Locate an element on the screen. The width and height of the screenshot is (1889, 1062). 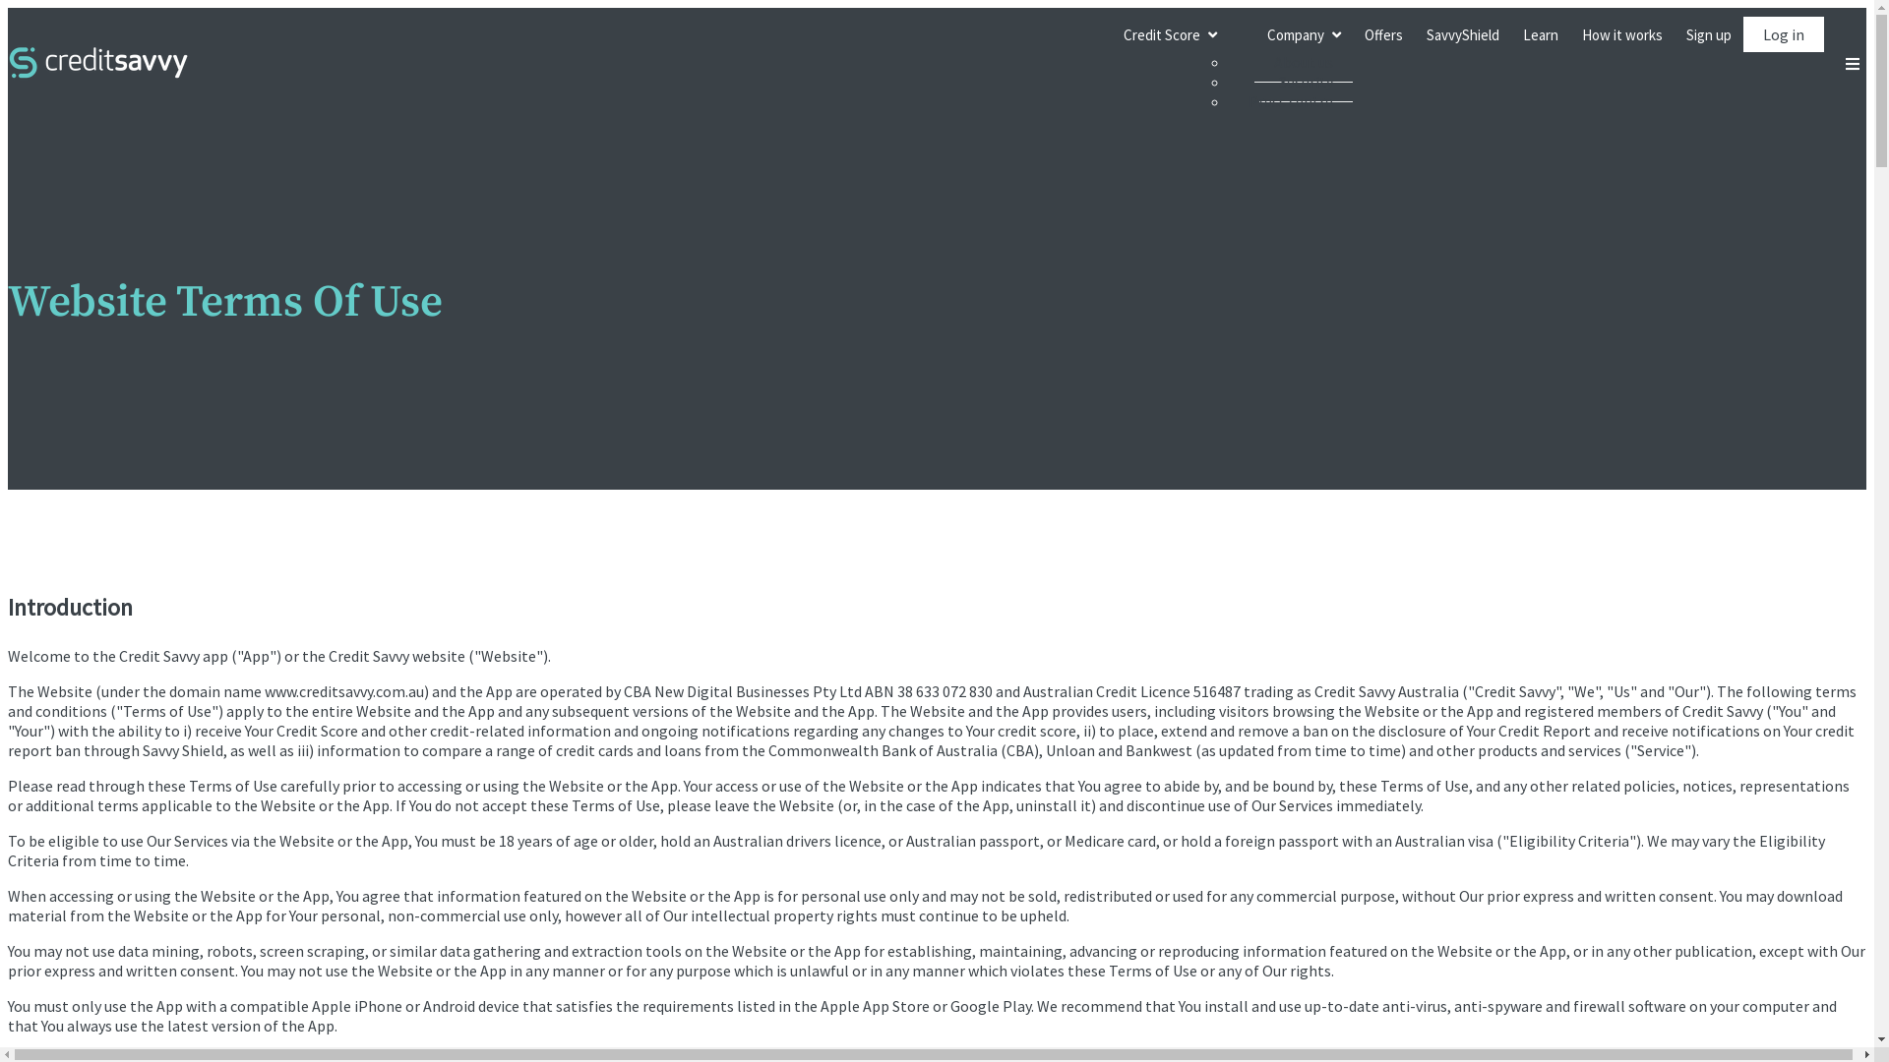
'How it works' is located at coordinates (1622, 34).